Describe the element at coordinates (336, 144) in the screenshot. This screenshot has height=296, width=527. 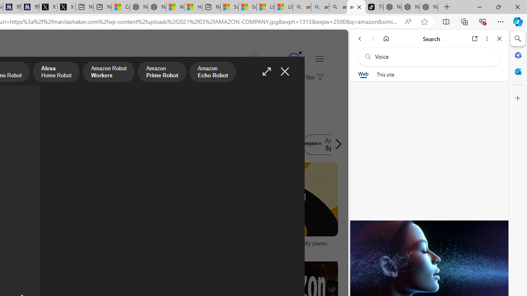
I see `'Scroll right'` at that location.